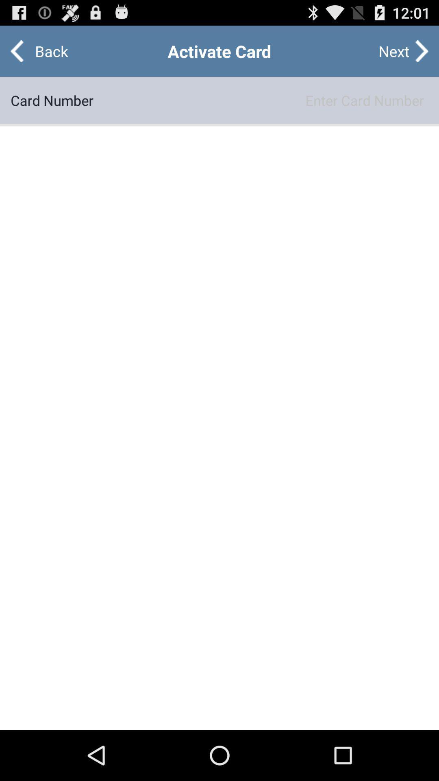  Describe the element at coordinates (393, 50) in the screenshot. I see `the next icon` at that location.